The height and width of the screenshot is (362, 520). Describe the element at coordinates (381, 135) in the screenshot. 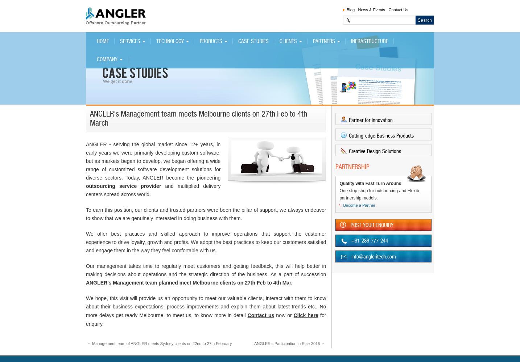

I see `'Cutting-edge Business Products'` at that location.